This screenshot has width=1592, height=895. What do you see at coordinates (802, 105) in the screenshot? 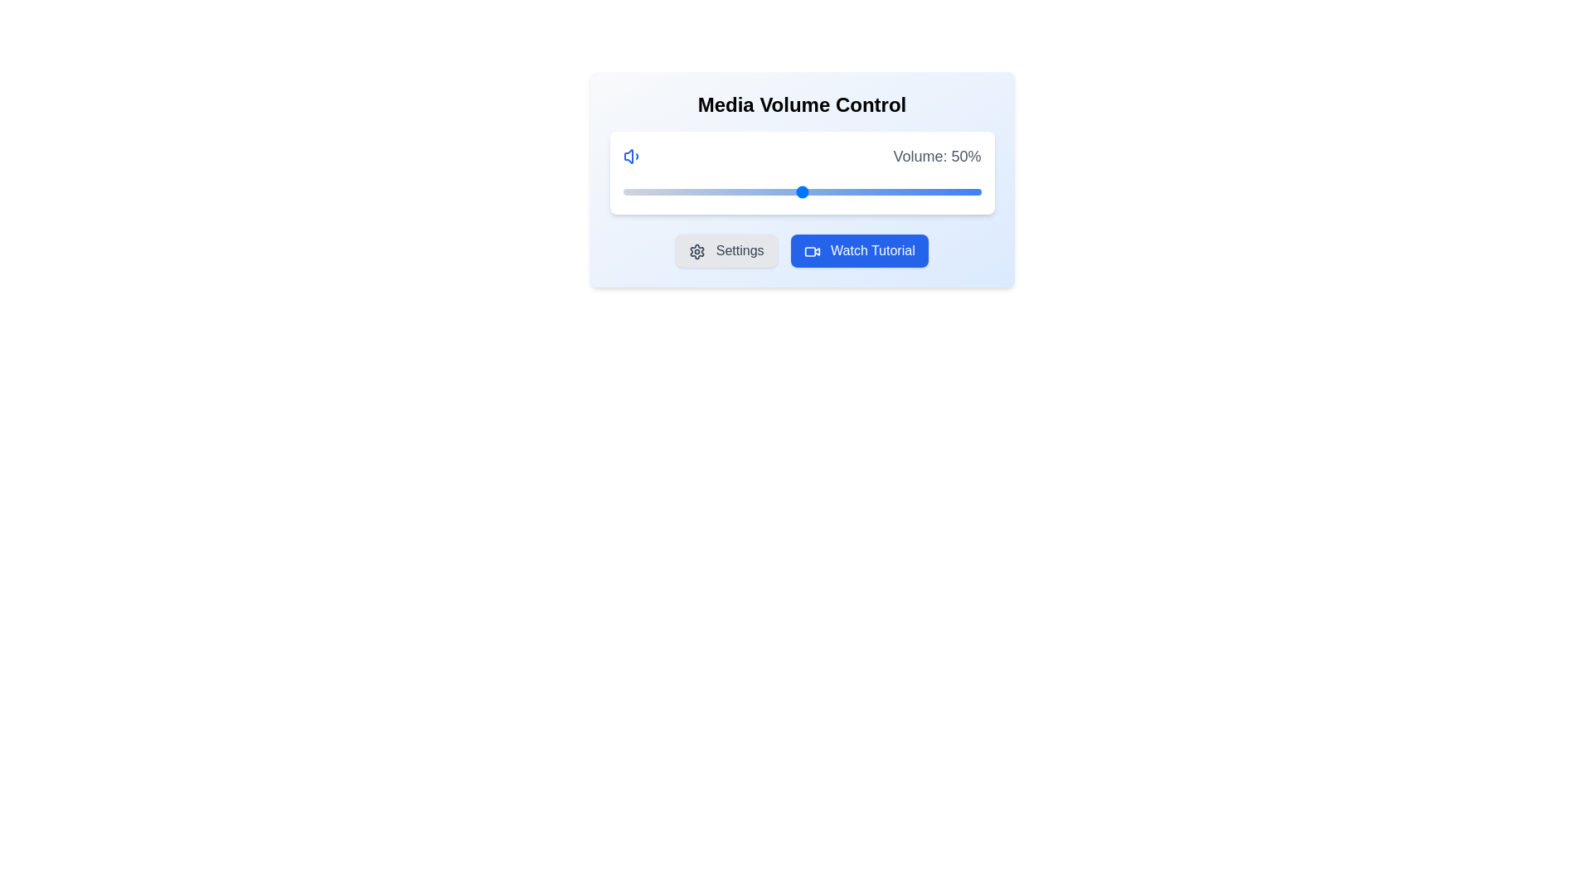
I see `the title text 'Media Volume Control' to highlight it` at bounding box center [802, 105].